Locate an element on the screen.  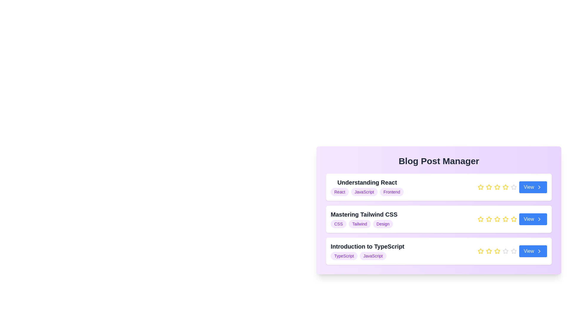
the fourth star icon with a hollow yellow border and white fill in the rating row under the 'Understanding React' blog post is located at coordinates (497, 187).